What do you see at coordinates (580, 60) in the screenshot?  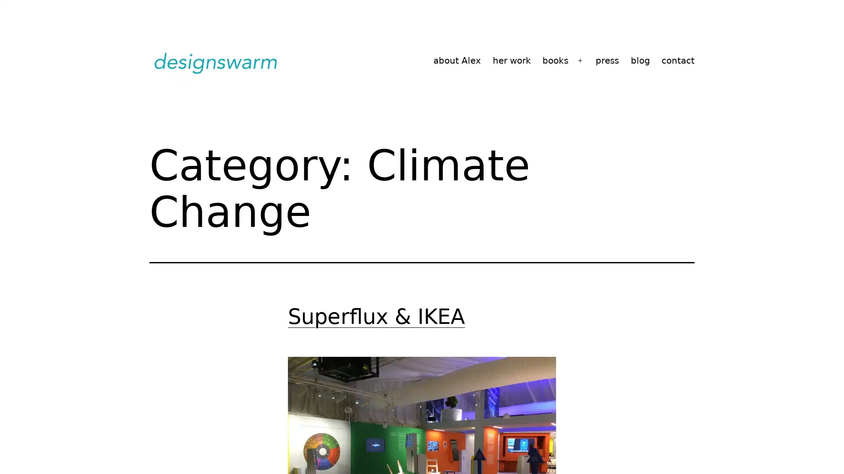 I see `Open menu` at bounding box center [580, 60].